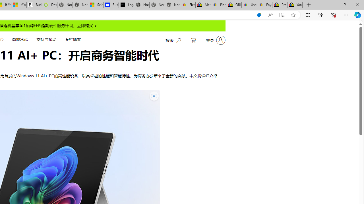 The height and width of the screenshot is (204, 364). What do you see at coordinates (280, 5) in the screenshot?
I see `'Press Room - eBay Inc.'` at bounding box center [280, 5].